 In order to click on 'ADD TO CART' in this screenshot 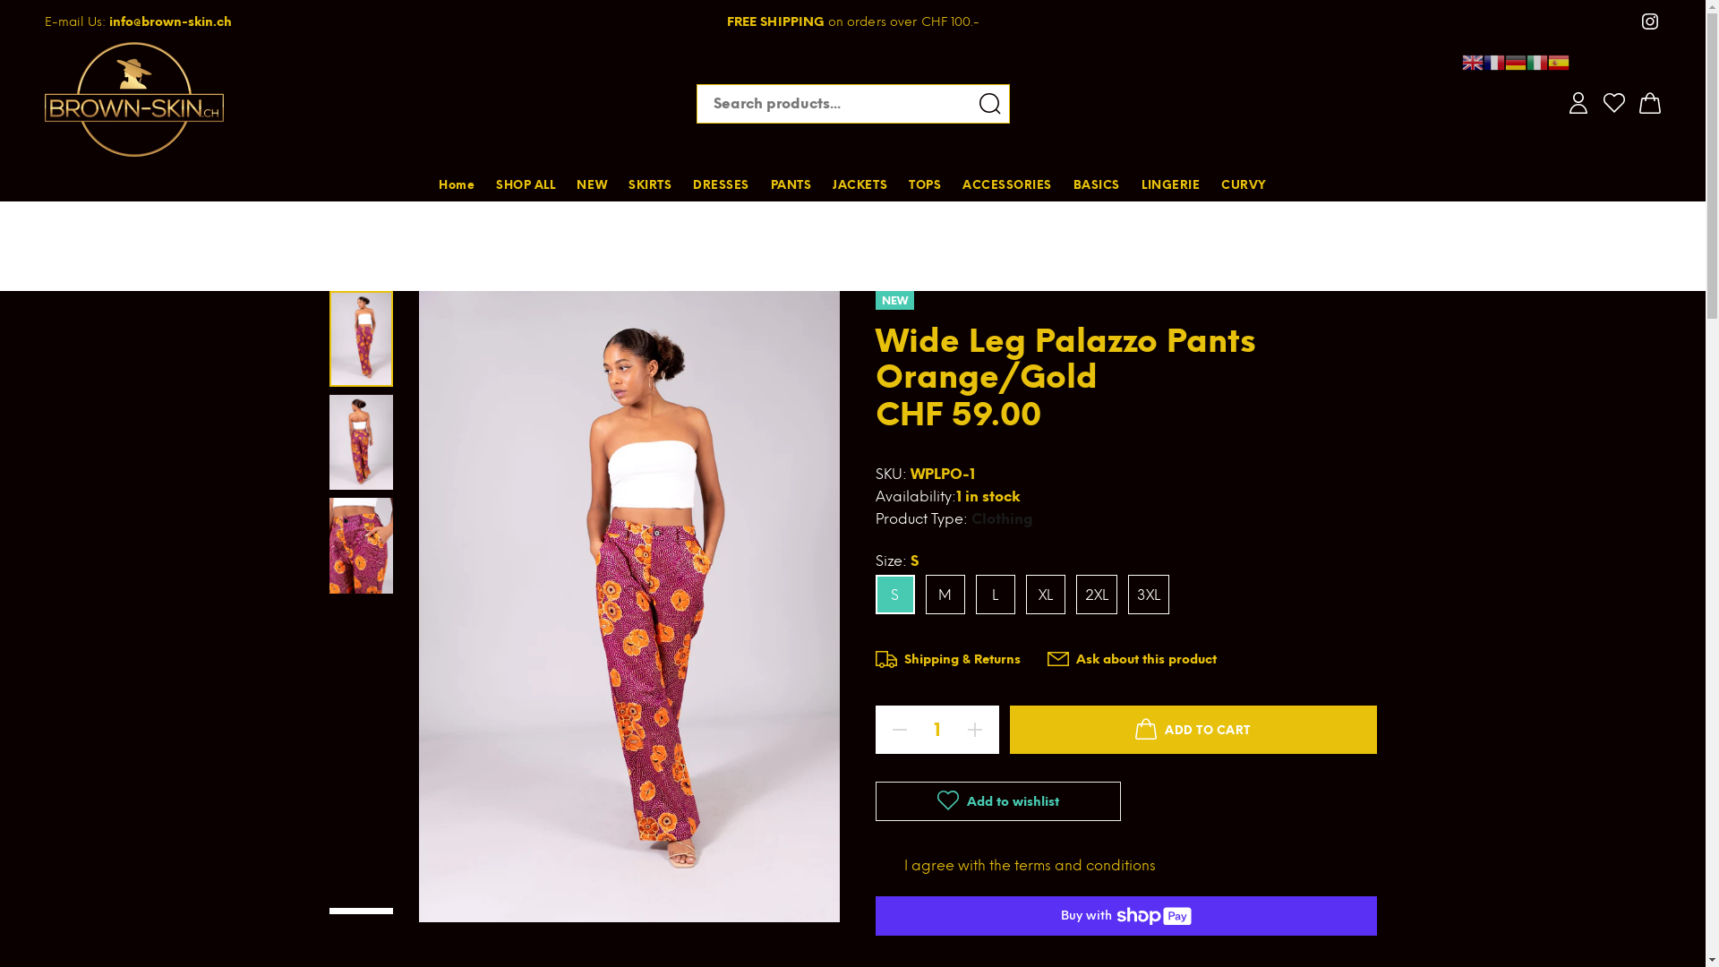, I will do `click(1193, 729)`.